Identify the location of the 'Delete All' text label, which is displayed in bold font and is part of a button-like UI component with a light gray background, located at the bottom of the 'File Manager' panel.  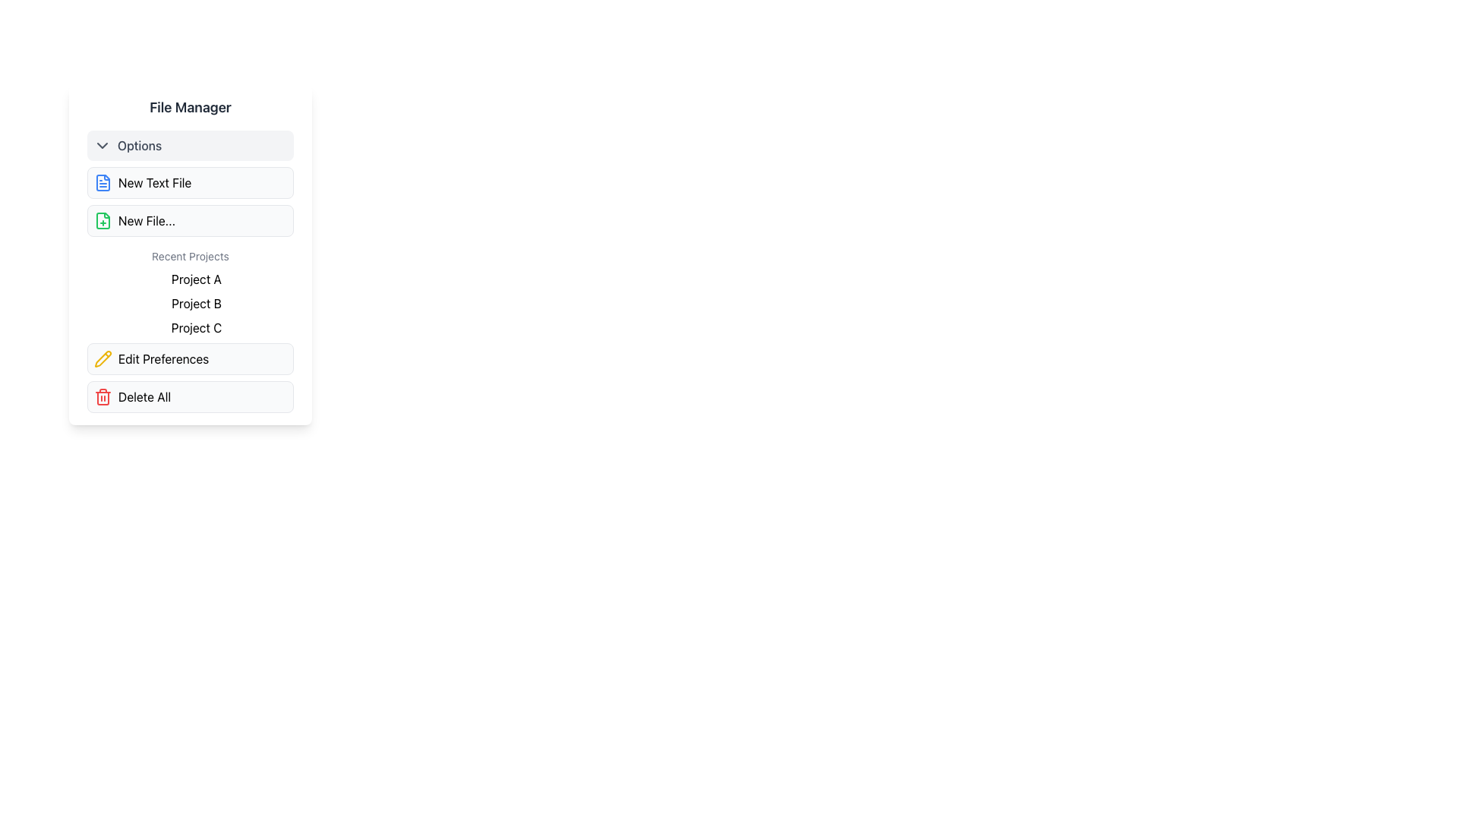
(144, 396).